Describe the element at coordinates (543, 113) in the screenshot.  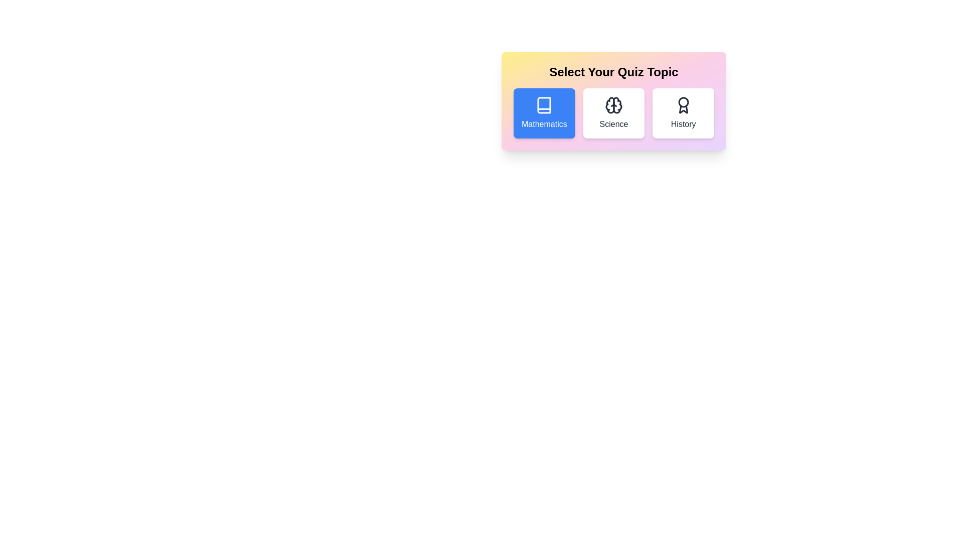
I see `the Mathematics category to observe the hover effect` at that location.